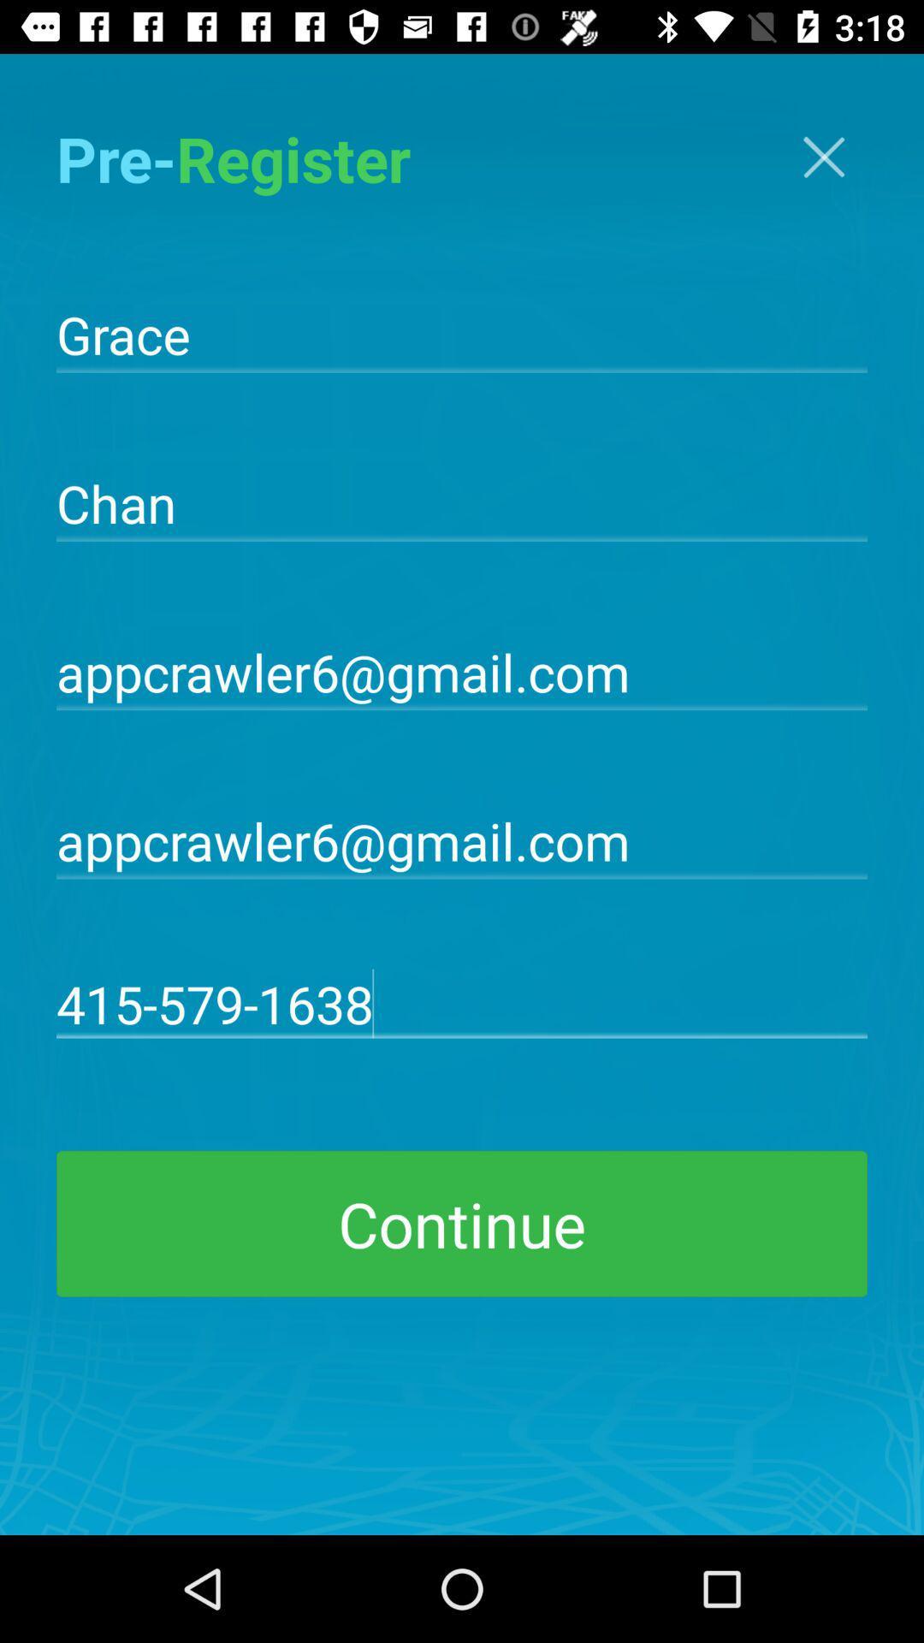 Image resolution: width=924 pixels, height=1643 pixels. What do you see at coordinates (462, 1223) in the screenshot?
I see `the icon below the 415-579-1638 item` at bounding box center [462, 1223].